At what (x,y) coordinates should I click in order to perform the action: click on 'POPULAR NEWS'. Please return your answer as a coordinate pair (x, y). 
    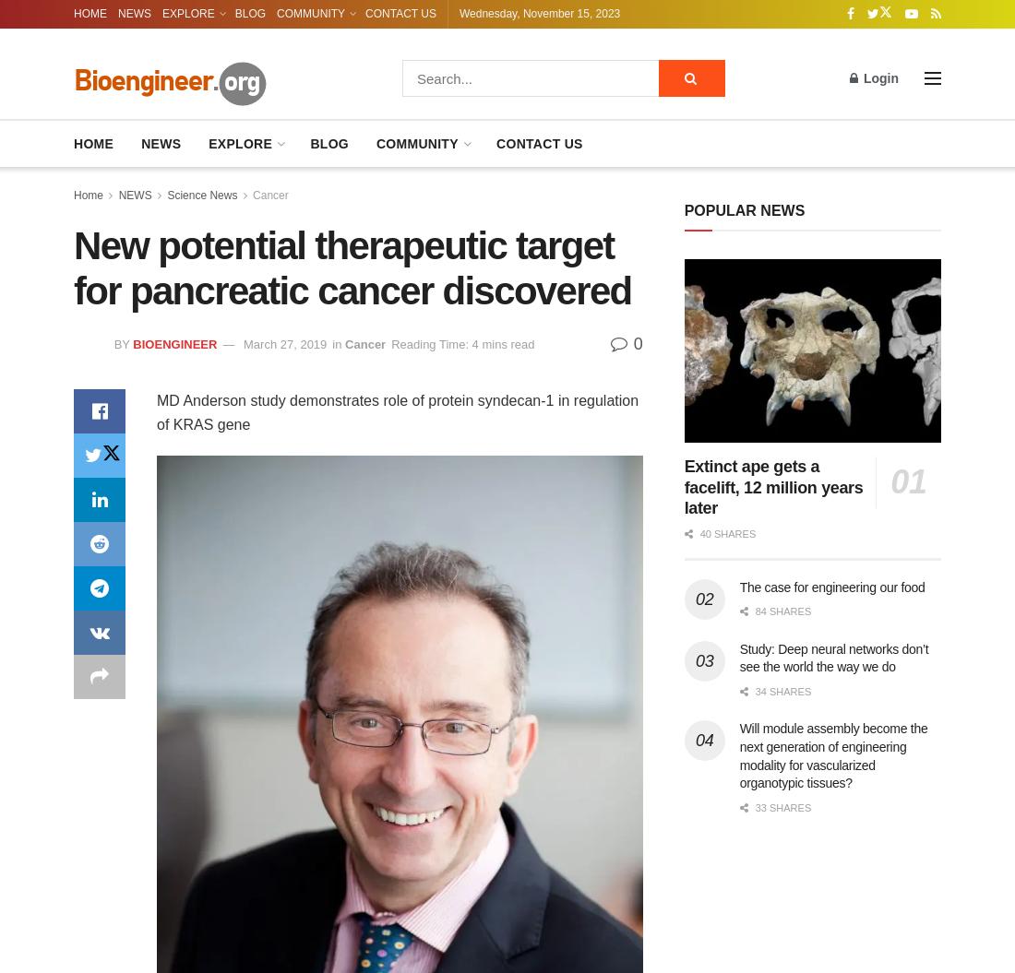
    Looking at the image, I should click on (744, 209).